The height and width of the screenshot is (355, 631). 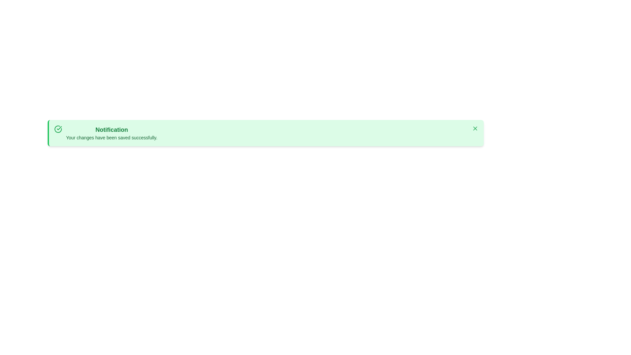 What do you see at coordinates (475, 128) in the screenshot?
I see `the close button to dismiss the alert` at bounding box center [475, 128].